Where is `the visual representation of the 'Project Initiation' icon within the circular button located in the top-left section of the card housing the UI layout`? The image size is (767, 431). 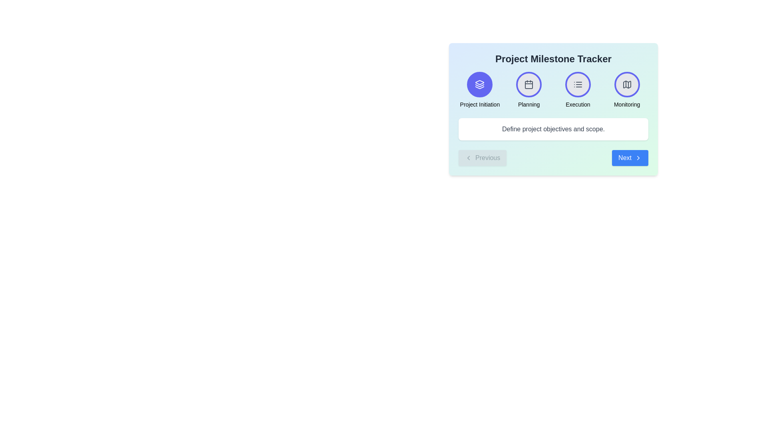
the visual representation of the 'Project Initiation' icon within the circular button located in the top-left section of the card housing the UI layout is located at coordinates (479, 85).